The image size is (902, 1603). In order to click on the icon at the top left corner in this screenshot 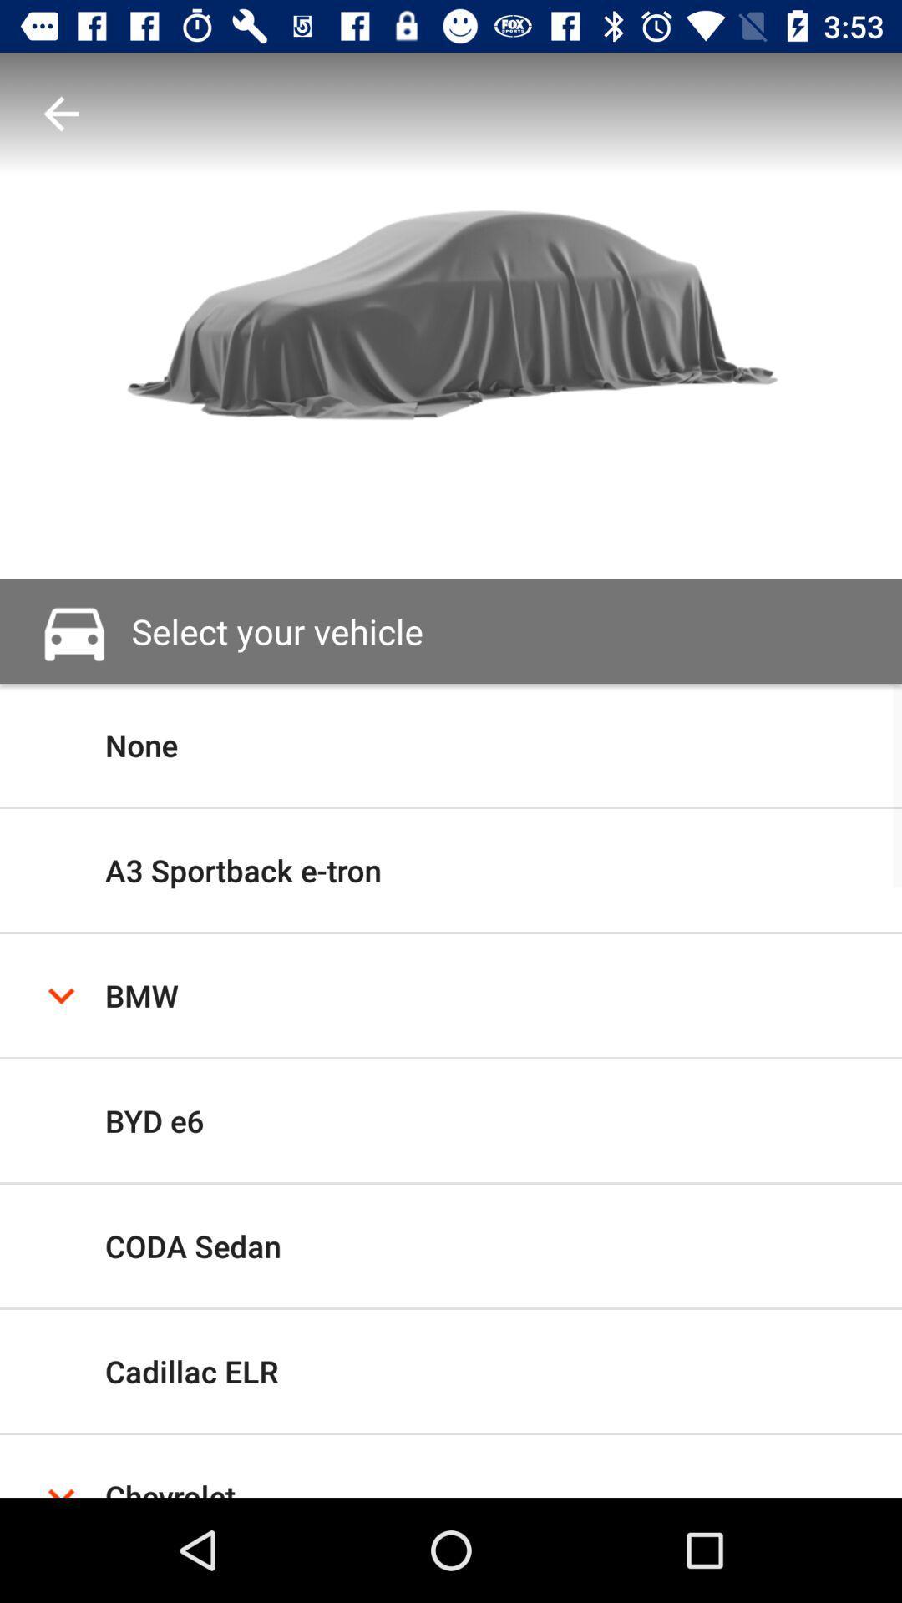, I will do `click(60, 113)`.